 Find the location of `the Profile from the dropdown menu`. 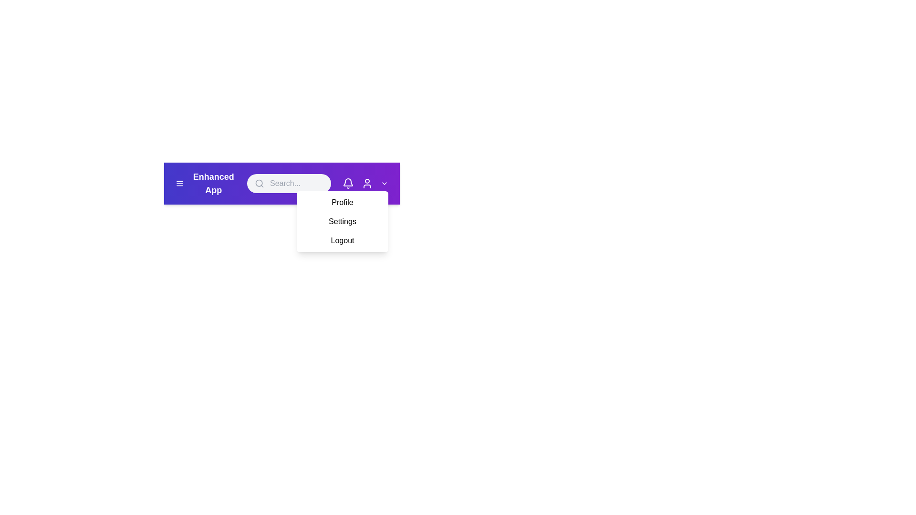

the Profile from the dropdown menu is located at coordinates (343, 202).